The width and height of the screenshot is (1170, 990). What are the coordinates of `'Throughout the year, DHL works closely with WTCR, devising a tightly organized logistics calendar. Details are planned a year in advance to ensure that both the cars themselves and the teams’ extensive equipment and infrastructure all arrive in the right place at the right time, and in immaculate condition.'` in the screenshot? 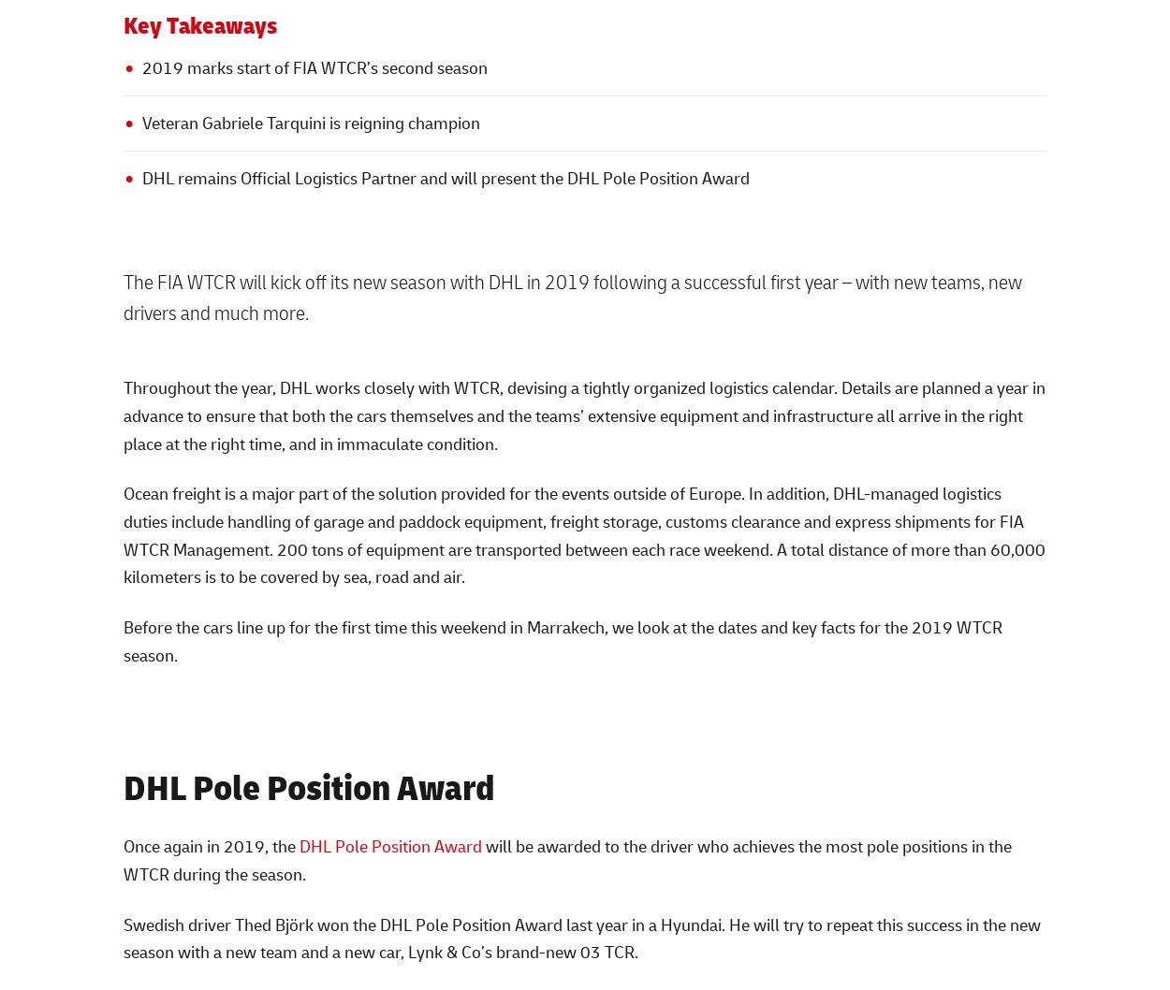 It's located at (582, 414).